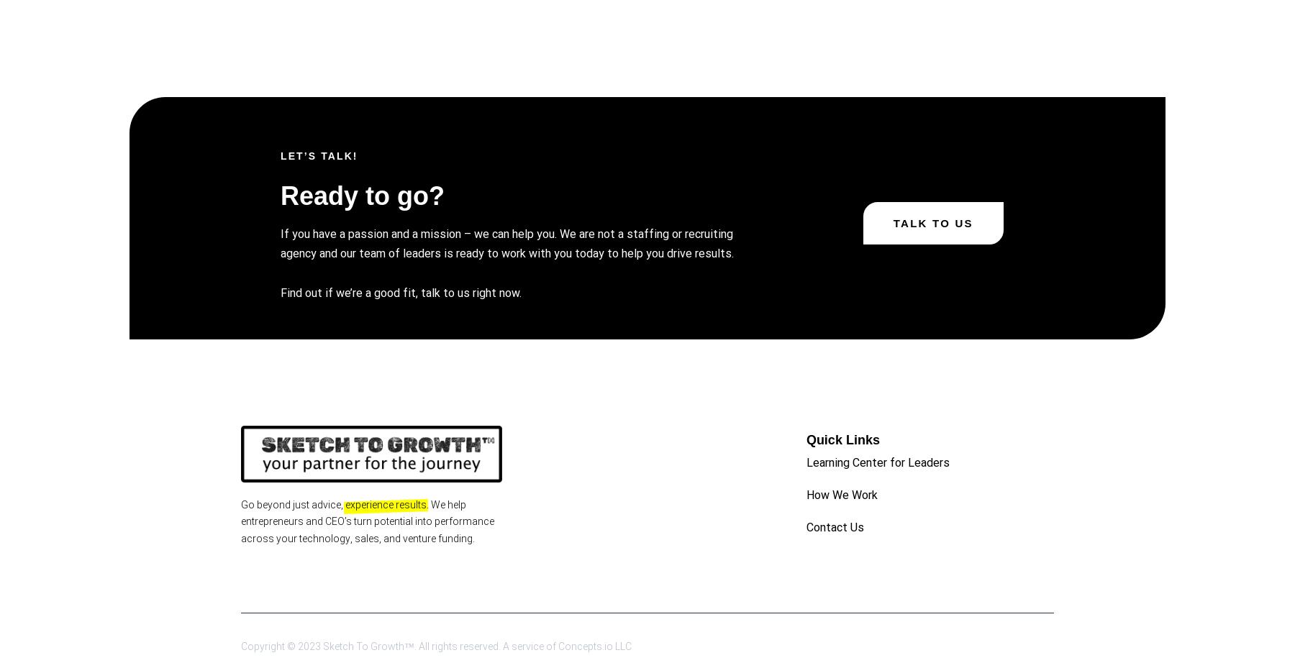 This screenshot has width=1295, height=663. I want to click on 'Find out if we’re a good fit, talk to us right now.', so click(400, 291).